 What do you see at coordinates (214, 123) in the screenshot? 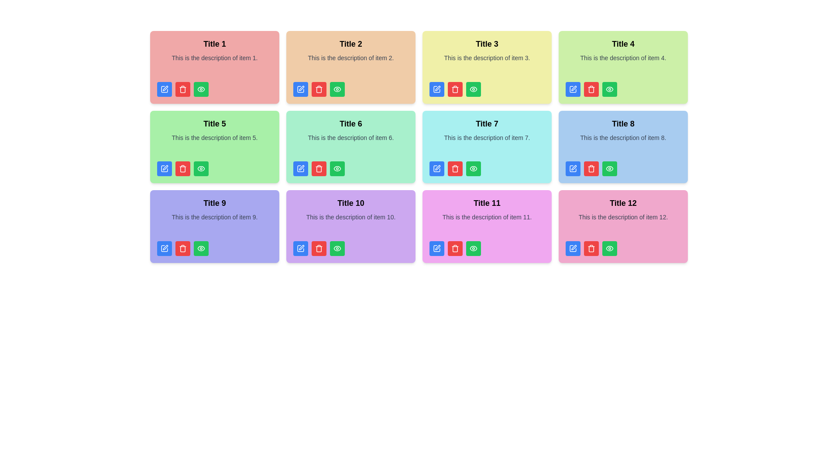
I see `the text label styled with a large font size and bold weight that features the text 'Title 5', located near the top-left of its containing box, if it supports keyboard navigation` at bounding box center [214, 123].